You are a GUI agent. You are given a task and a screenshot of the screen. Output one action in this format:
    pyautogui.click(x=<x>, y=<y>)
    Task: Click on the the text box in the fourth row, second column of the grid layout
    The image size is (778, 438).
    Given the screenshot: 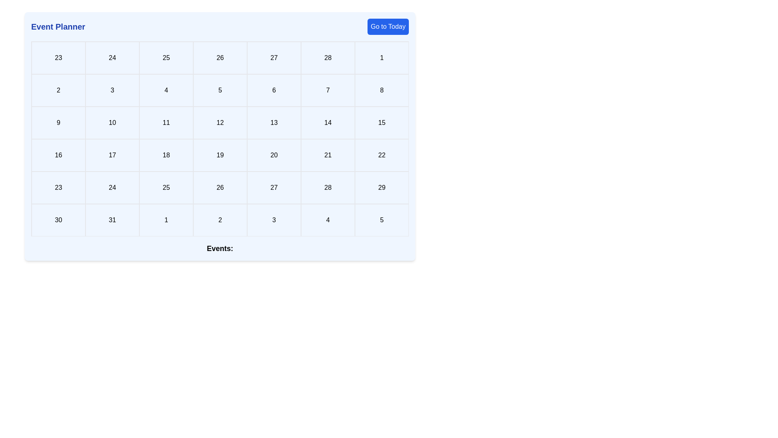 What is the action you would take?
    pyautogui.click(x=112, y=187)
    